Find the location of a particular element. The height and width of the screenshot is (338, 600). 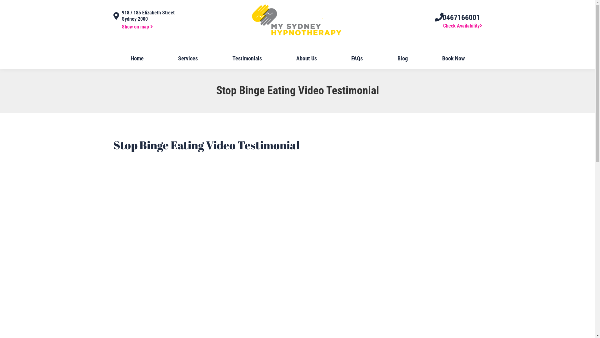

'Services' is located at coordinates (187, 58).